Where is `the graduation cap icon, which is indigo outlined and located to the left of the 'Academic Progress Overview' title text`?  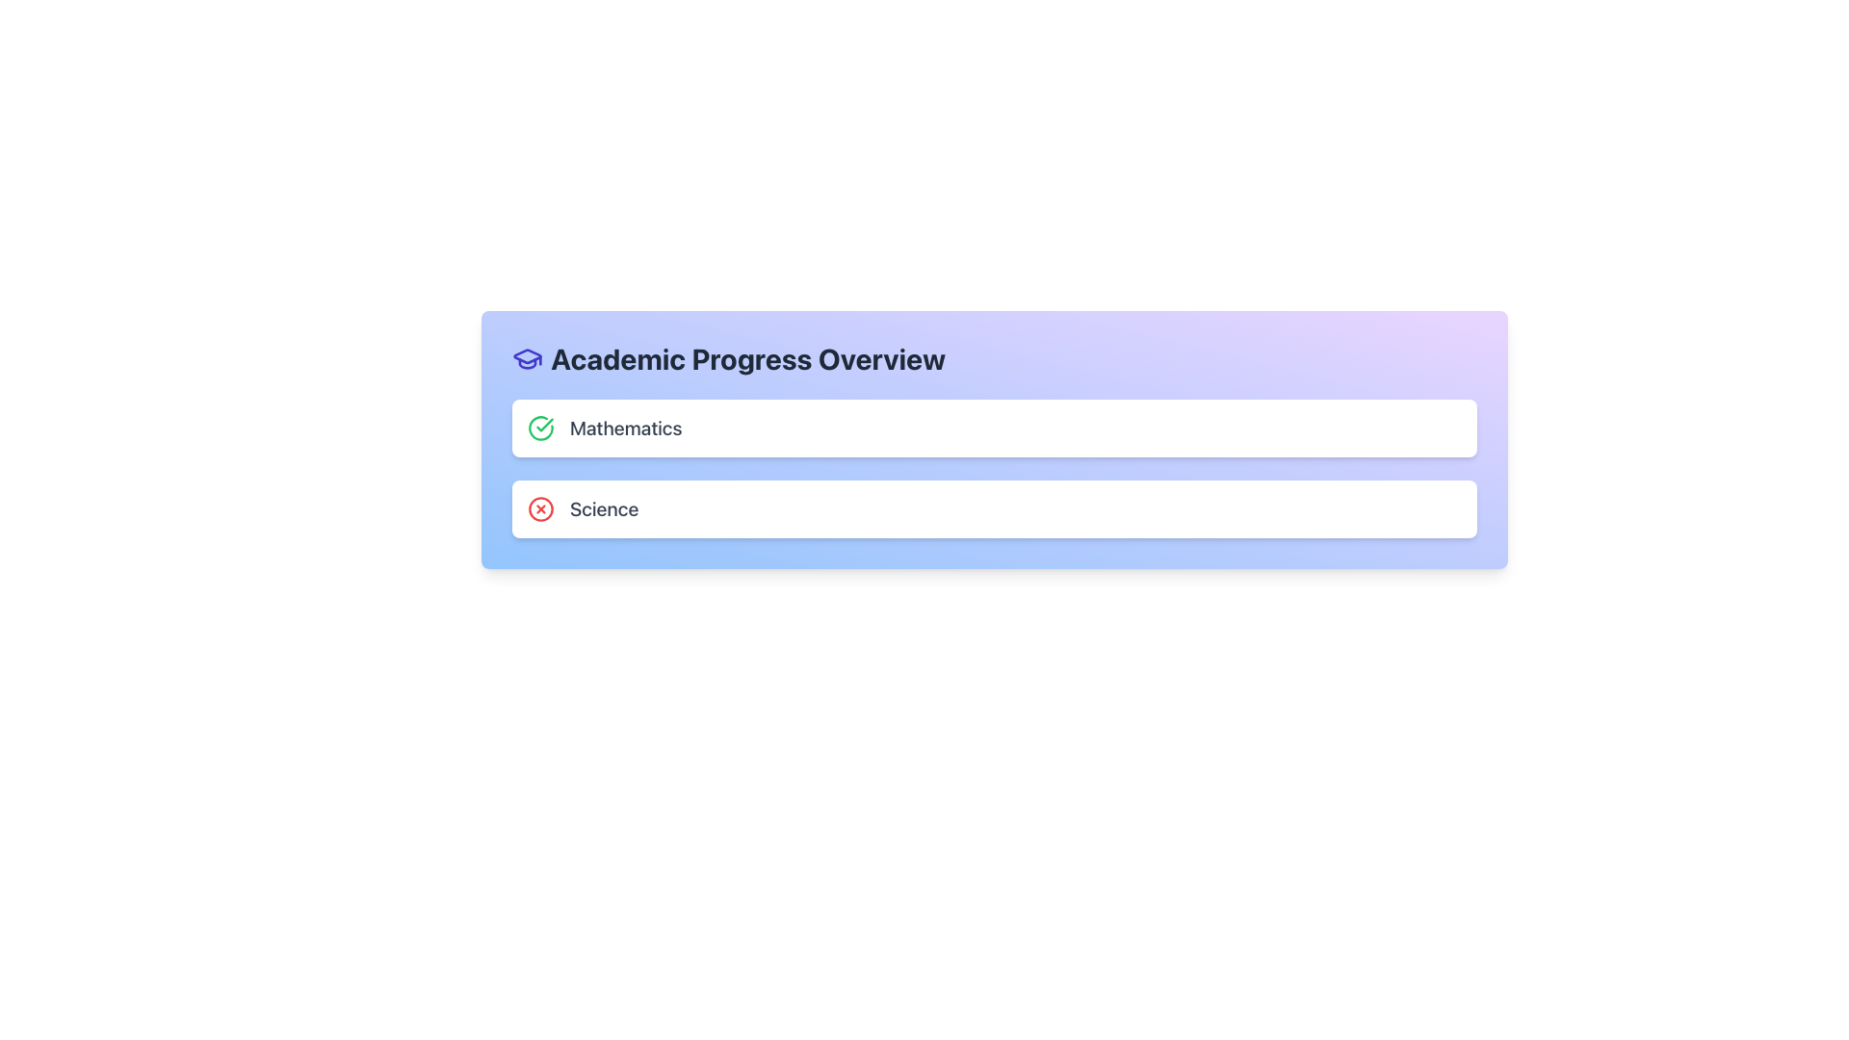 the graduation cap icon, which is indigo outlined and located to the left of the 'Academic Progress Overview' title text is located at coordinates (527, 359).